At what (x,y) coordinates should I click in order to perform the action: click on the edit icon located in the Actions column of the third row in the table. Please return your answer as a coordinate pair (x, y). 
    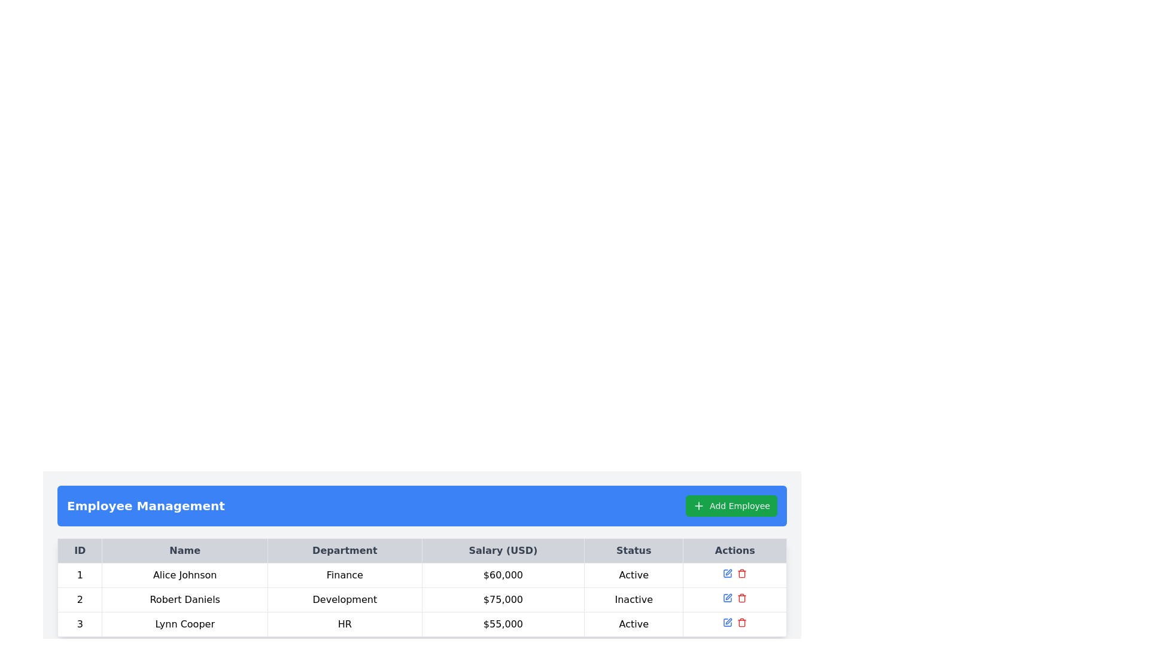
    Looking at the image, I should click on (727, 598).